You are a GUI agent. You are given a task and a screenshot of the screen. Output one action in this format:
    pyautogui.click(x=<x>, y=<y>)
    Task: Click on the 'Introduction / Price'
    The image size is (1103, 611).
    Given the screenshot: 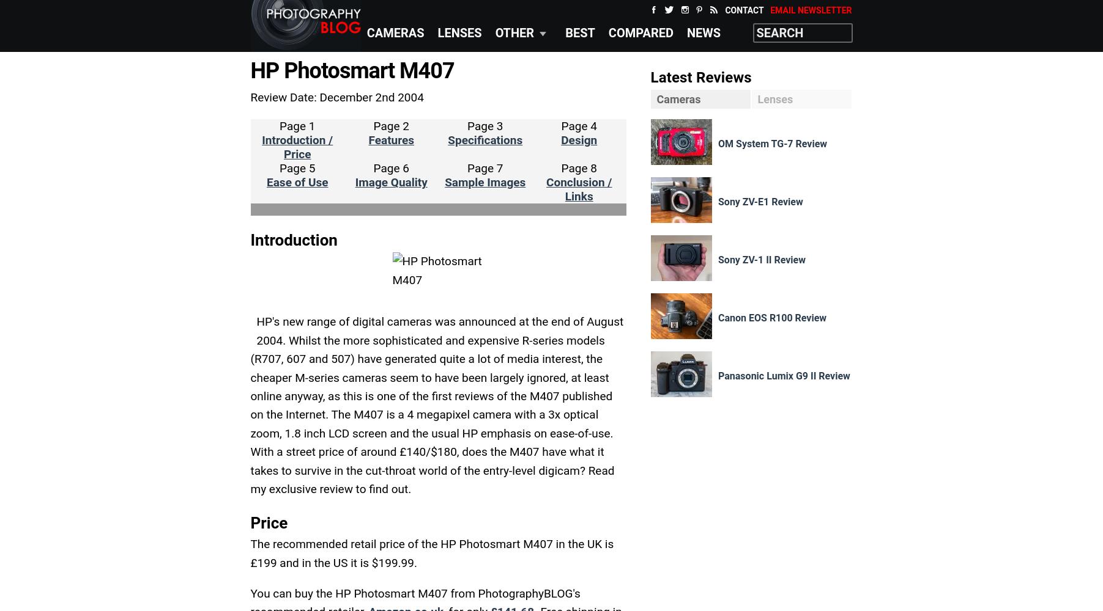 What is the action you would take?
    pyautogui.click(x=297, y=147)
    